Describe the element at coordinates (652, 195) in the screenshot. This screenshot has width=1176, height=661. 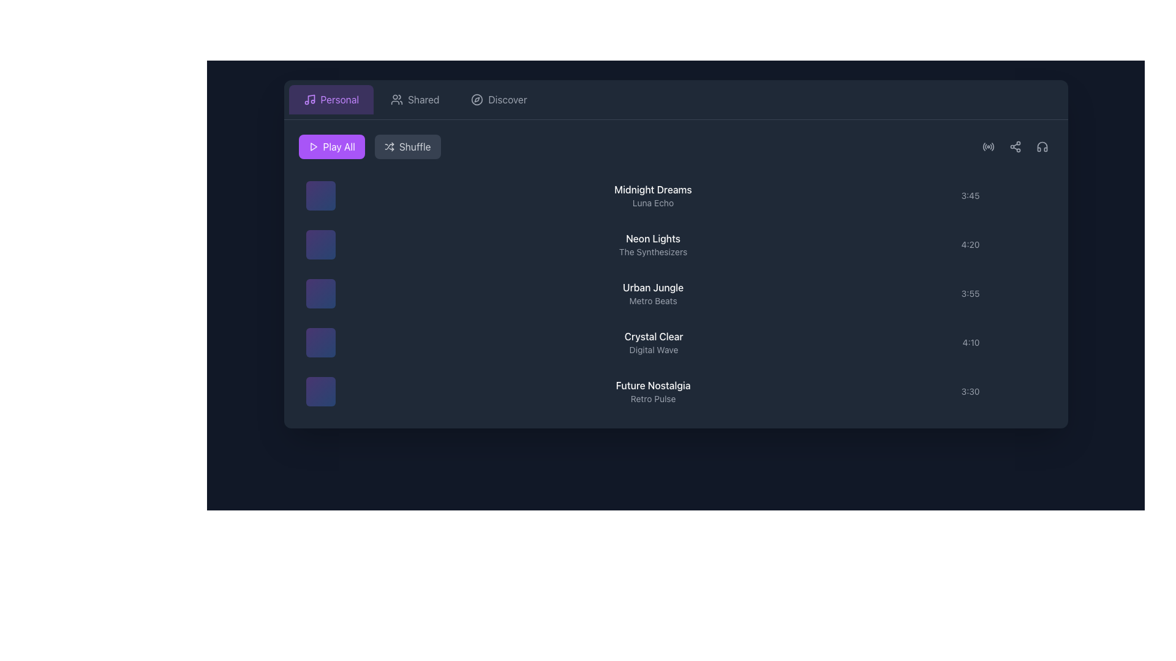
I see `the label displaying the title and artist of the music track, located in the middle of a row with an album image to the left and duration to the right` at that location.